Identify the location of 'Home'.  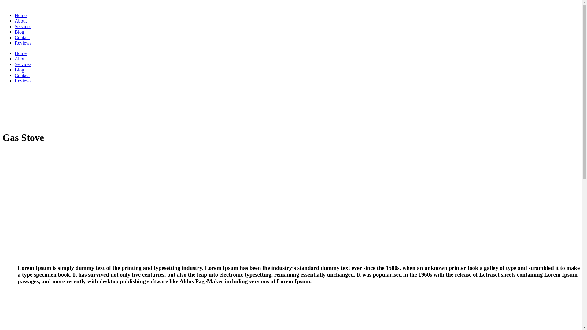
(20, 53).